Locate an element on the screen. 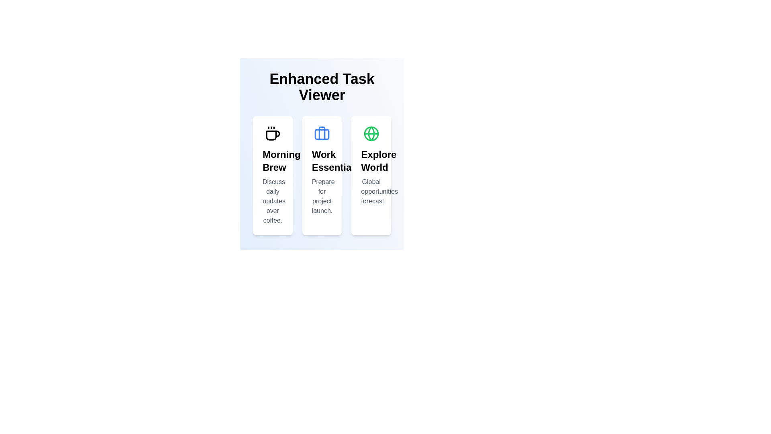  the Informational card that provides information about exploring global opportunities, which is the third card in a horizontally aligned grid under the 'Enhanced Task Viewer' section is located at coordinates (371, 175).